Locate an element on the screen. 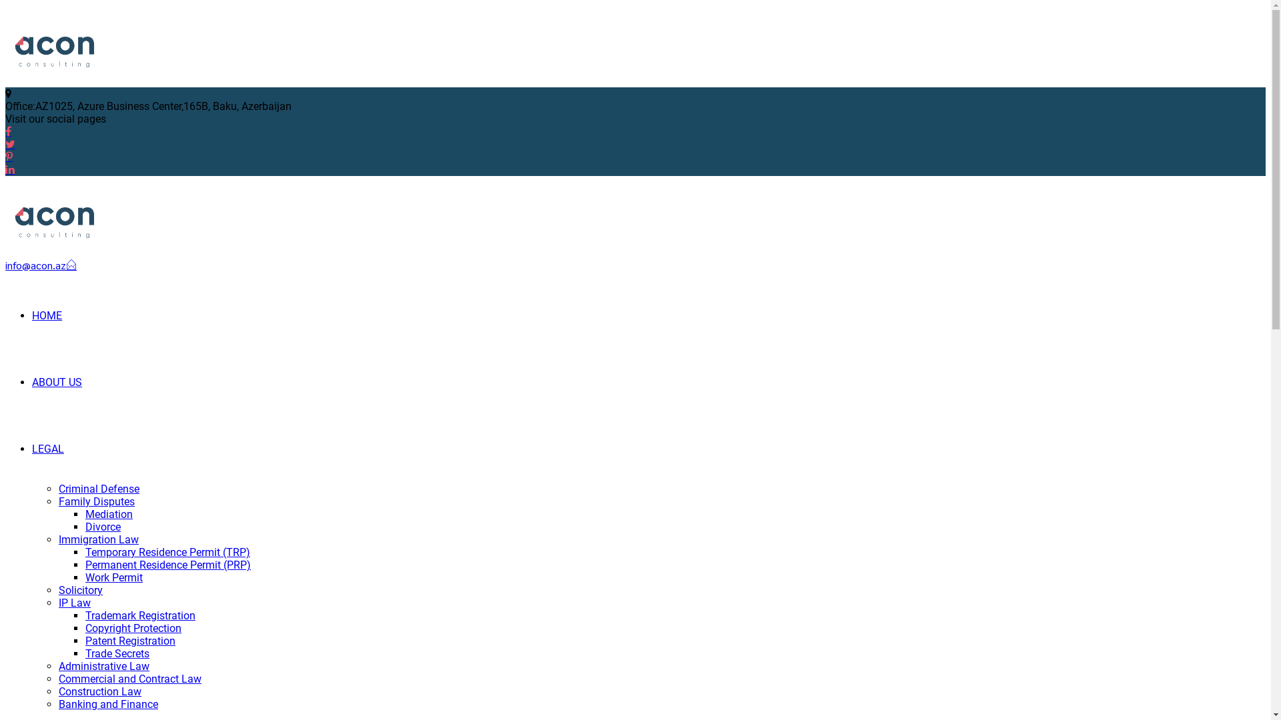  'Banking and Finance' is located at coordinates (57, 703).